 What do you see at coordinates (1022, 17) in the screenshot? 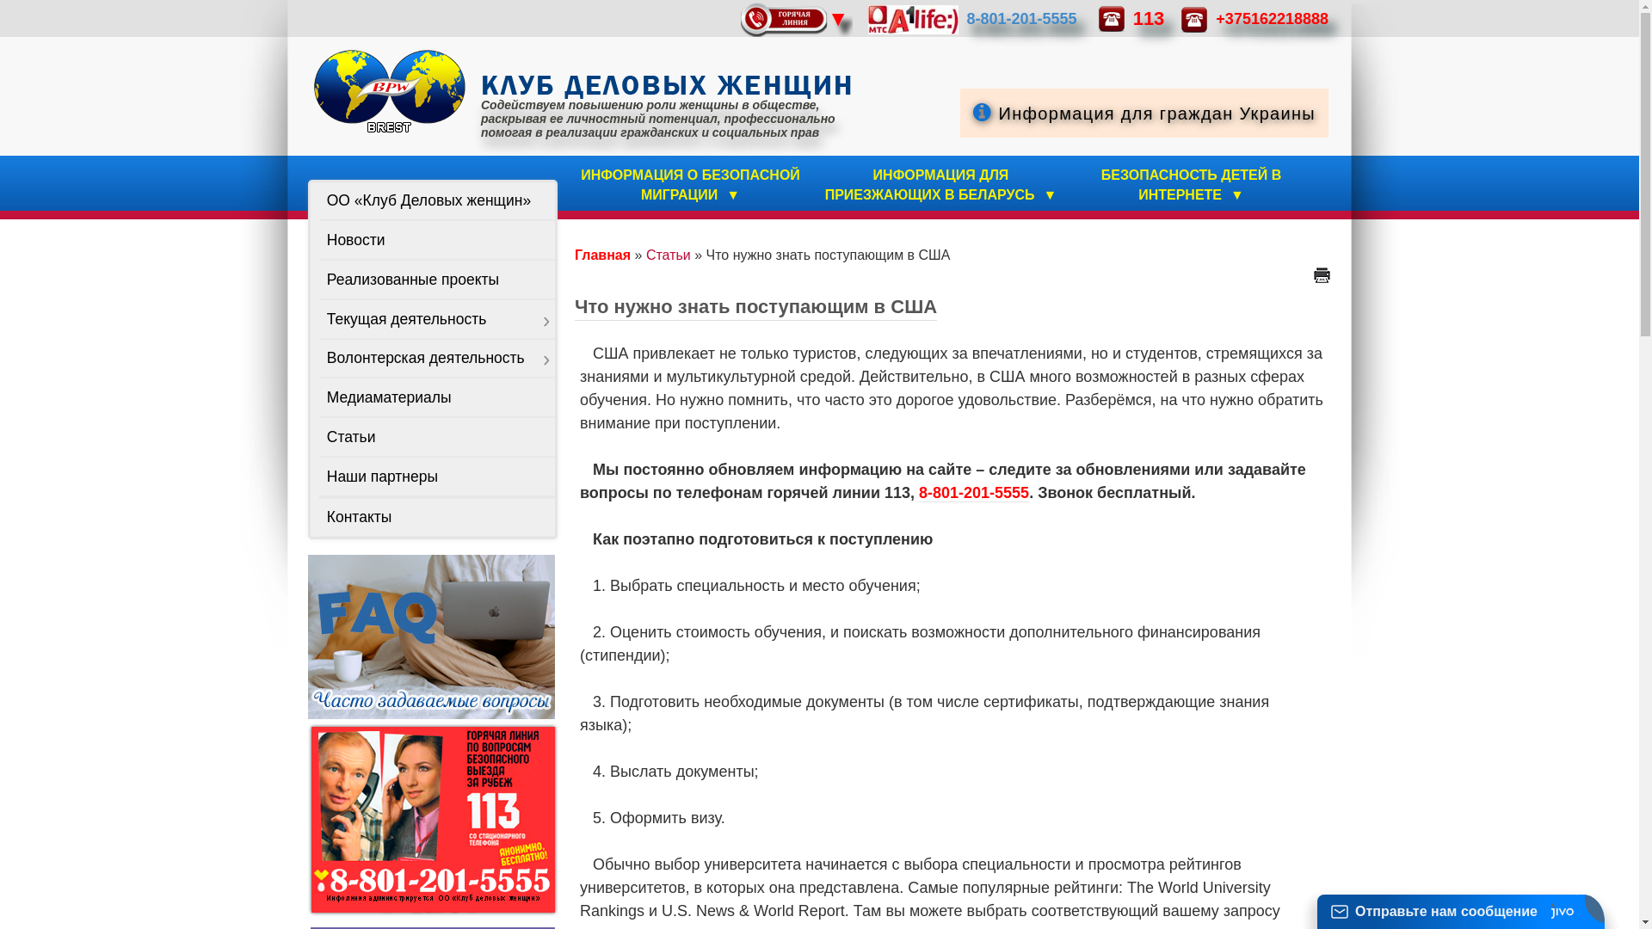
I see `'8-801-201-5555'` at bounding box center [1022, 17].